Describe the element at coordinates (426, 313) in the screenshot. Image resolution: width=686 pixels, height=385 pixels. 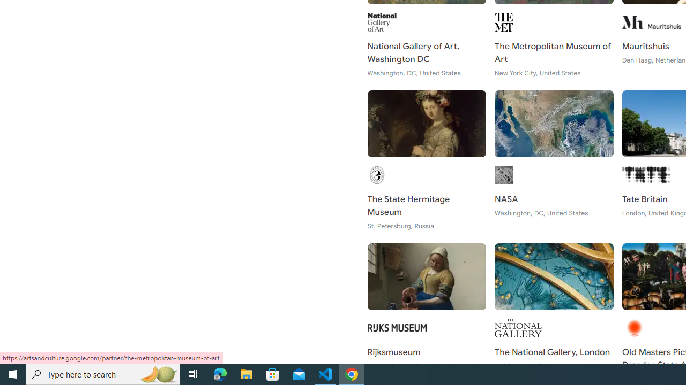
I see `'Rijksmuseum Amsterdam, Netherlands'` at that location.